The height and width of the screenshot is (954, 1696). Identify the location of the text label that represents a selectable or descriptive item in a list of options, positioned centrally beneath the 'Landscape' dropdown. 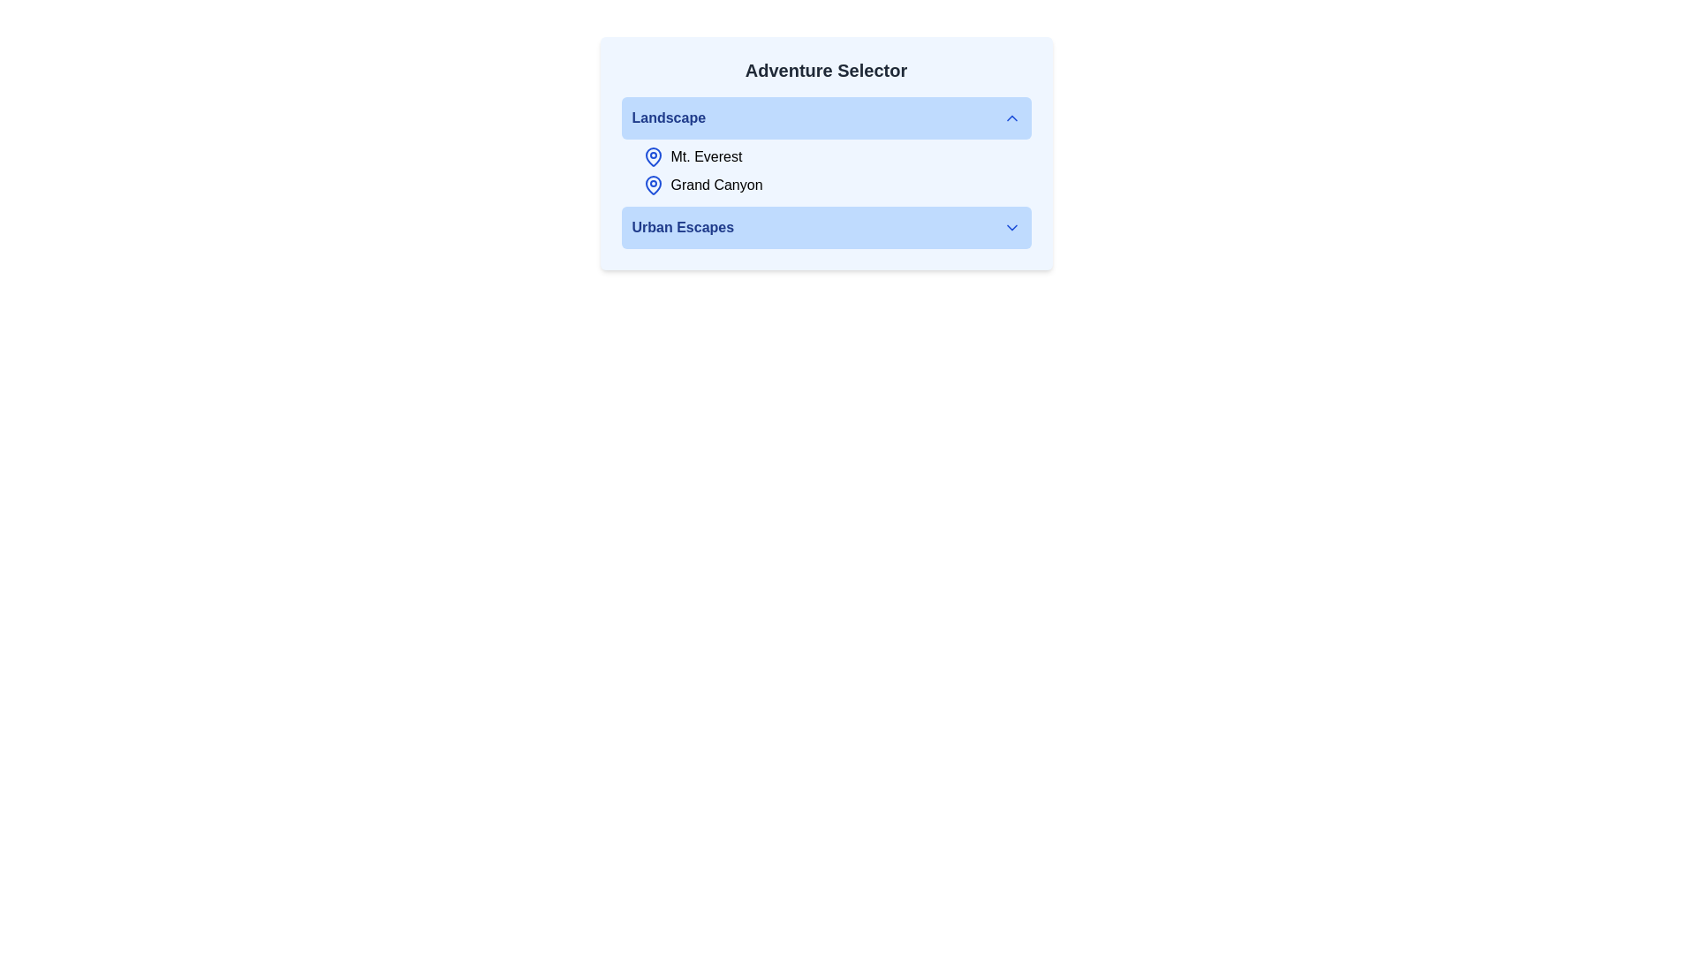
(682, 227).